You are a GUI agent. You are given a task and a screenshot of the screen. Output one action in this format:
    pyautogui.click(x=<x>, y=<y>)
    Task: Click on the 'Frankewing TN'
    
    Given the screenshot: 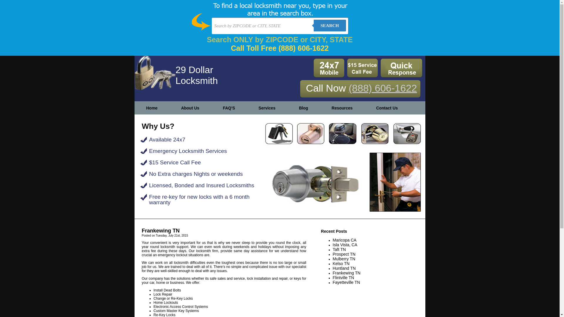 What is the action you would take?
    pyautogui.click(x=346, y=273)
    